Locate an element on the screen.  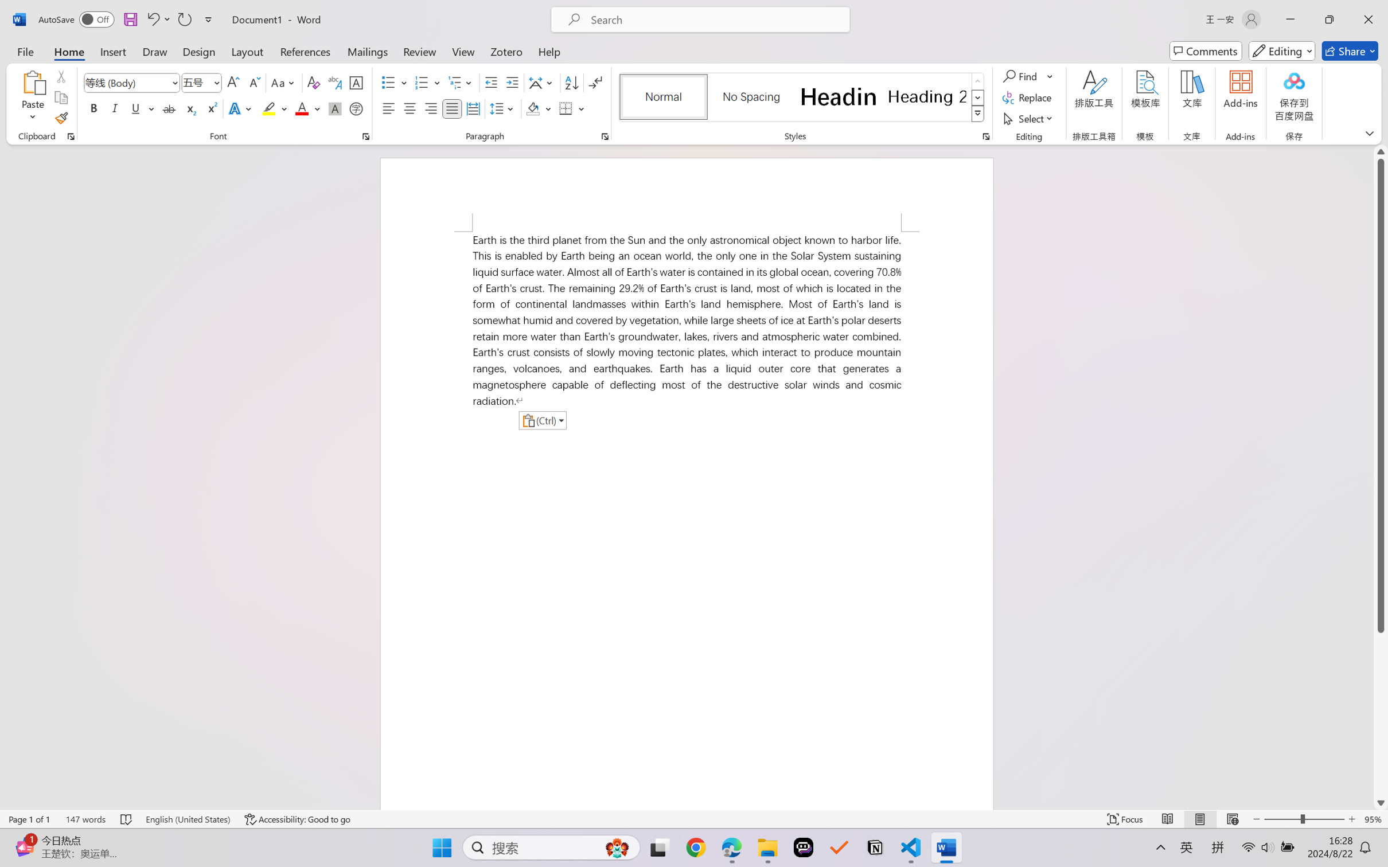
'Action: Paste alternatives' is located at coordinates (541, 420).